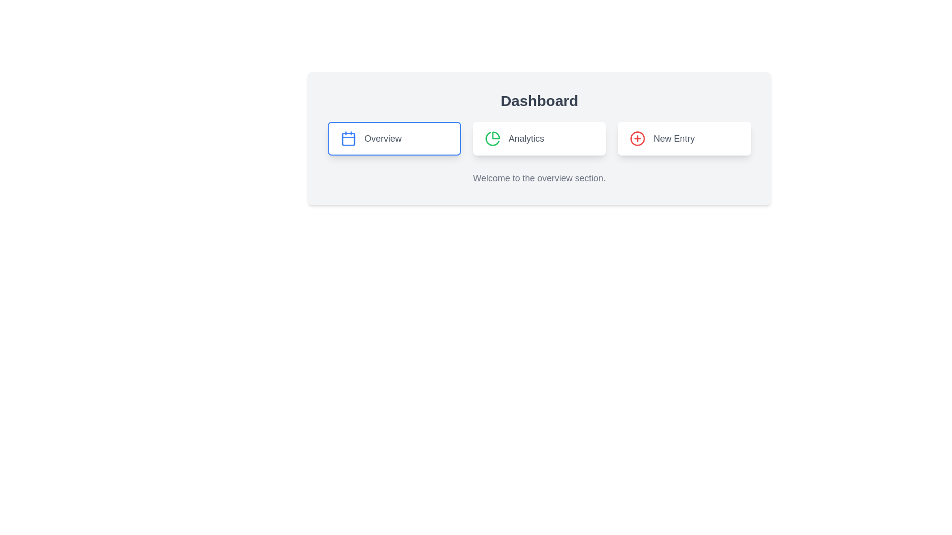  Describe the element at coordinates (492, 139) in the screenshot. I see `the green pie chart icon within the 'Analytics' button, located under the 'Dashboard' title, between the 'Overview' and 'New Entry' buttons` at that location.